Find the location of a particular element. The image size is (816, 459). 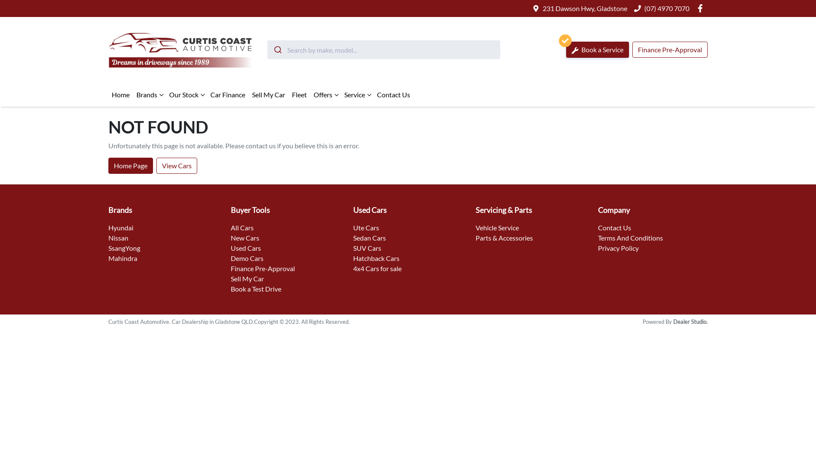

'Hatchback Cars' is located at coordinates (376, 258).